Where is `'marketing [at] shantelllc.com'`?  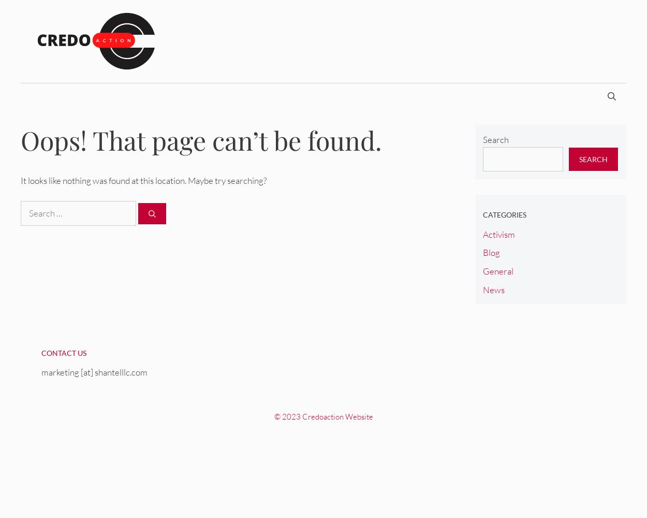
'marketing [at] shantelllc.com' is located at coordinates (94, 371).